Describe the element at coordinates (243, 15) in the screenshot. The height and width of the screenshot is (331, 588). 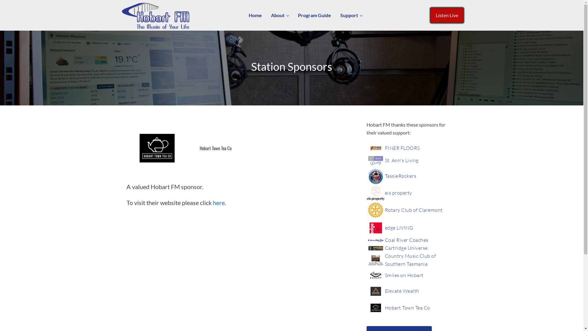
I see `'Home'` at that location.